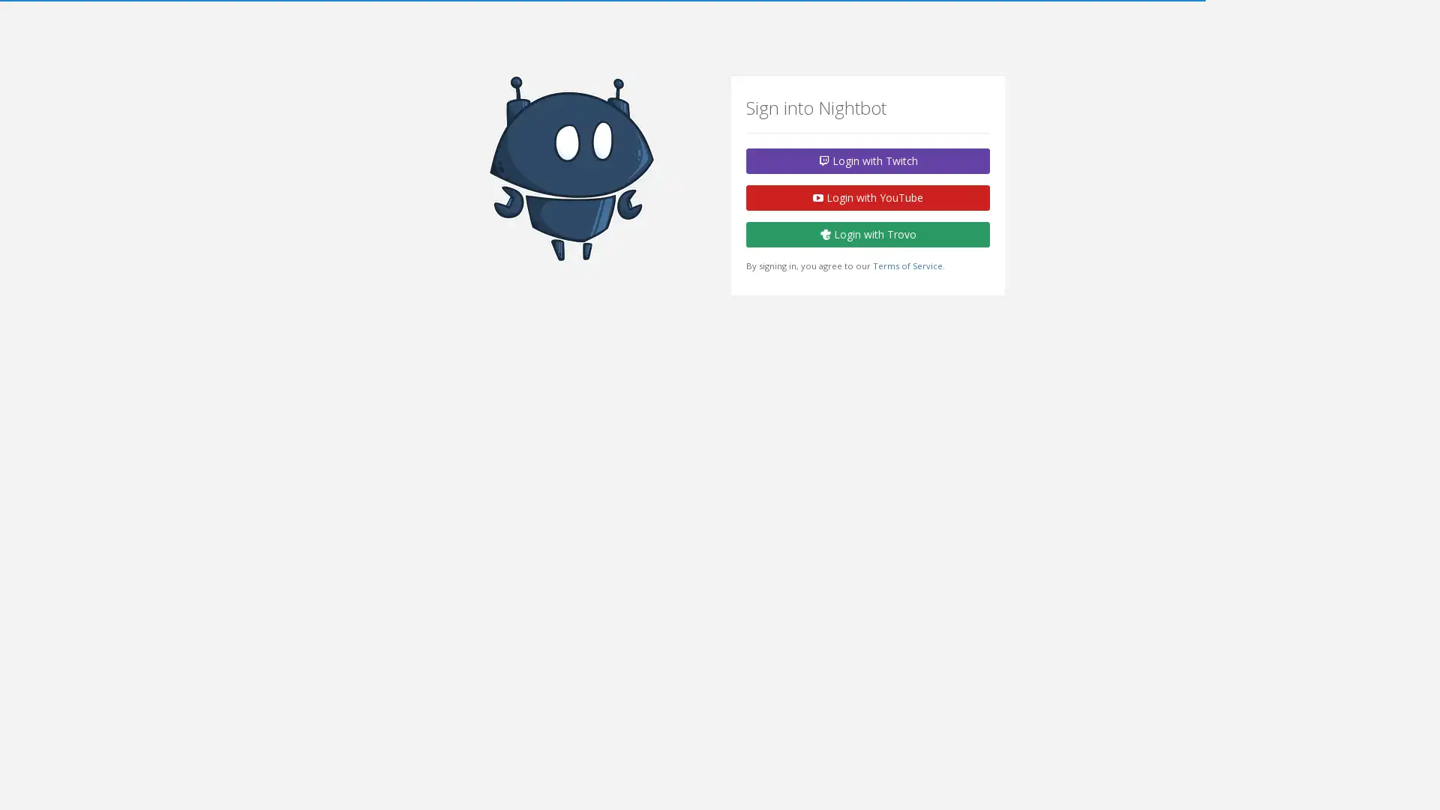  Describe the element at coordinates (868, 161) in the screenshot. I see `Login with Twitch` at that location.